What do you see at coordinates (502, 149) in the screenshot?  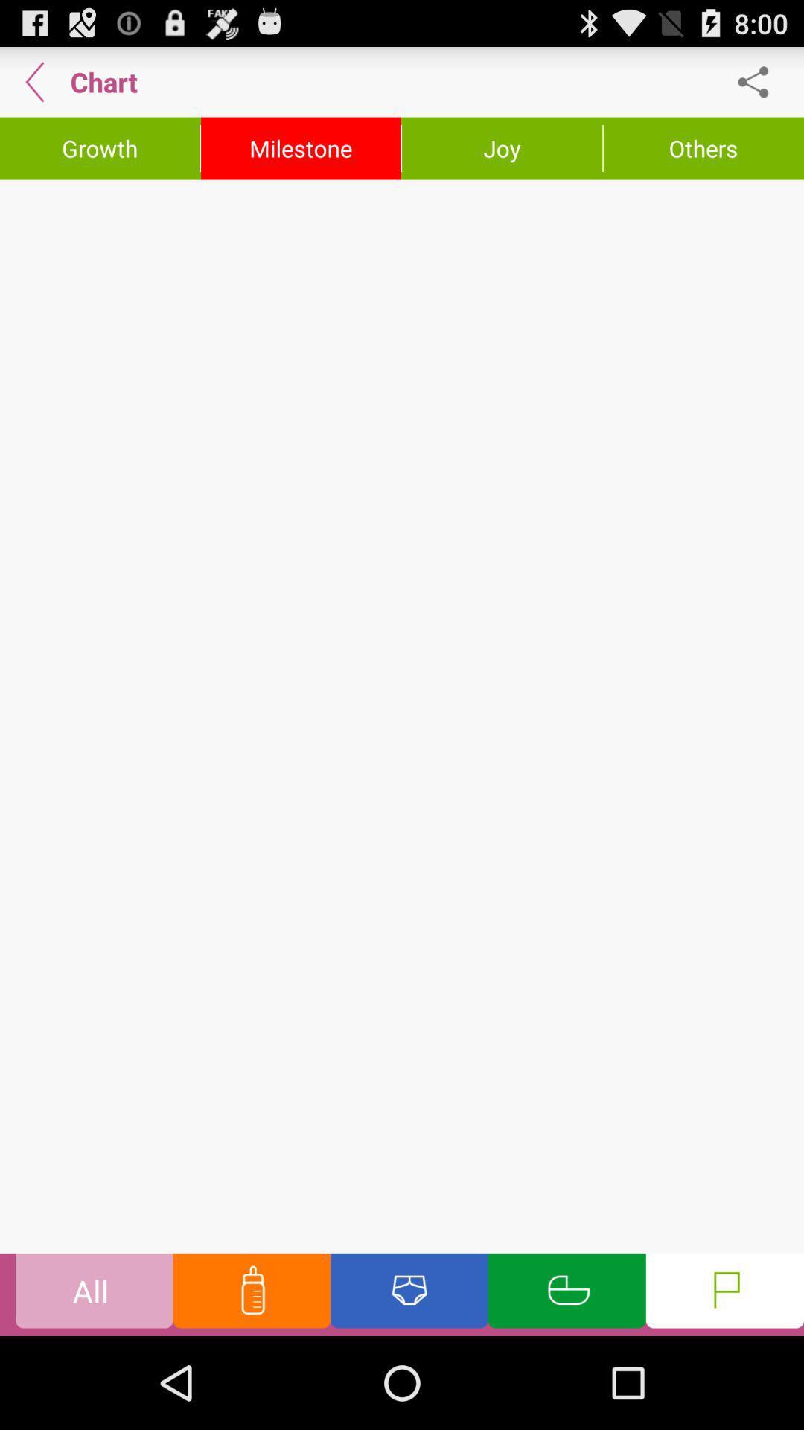 I see `joy` at bounding box center [502, 149].